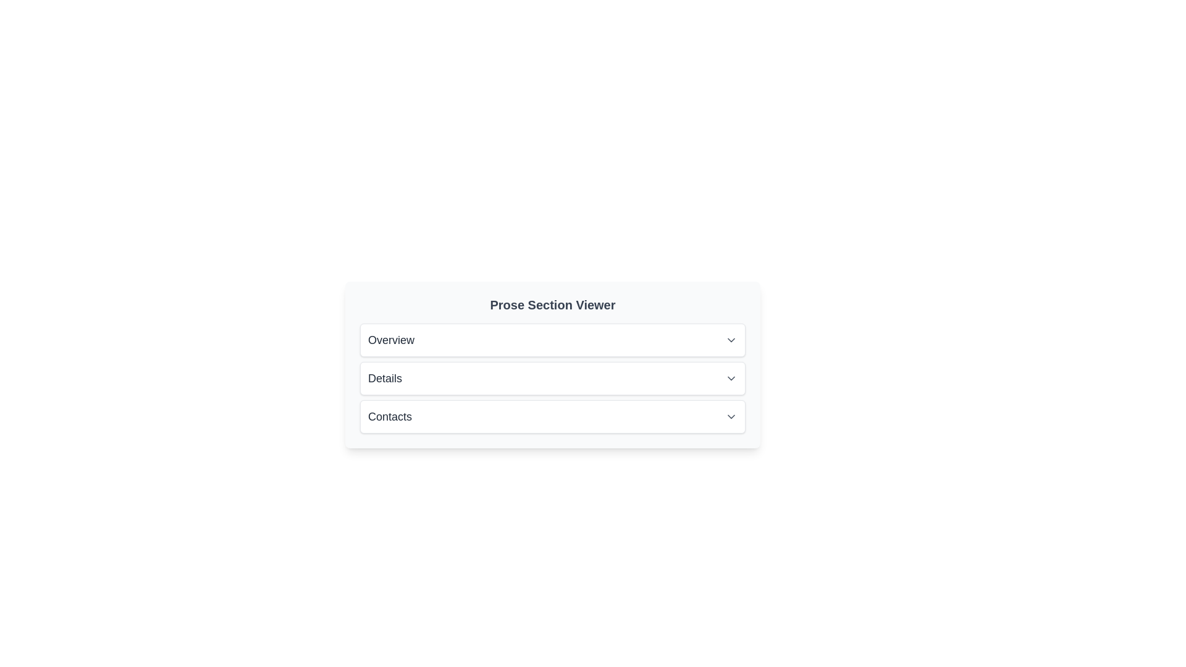 The width and height of the screenshot is (1186, 667). What do you see at coordinates (731, 417) in the screenshot?
I see `the downward-pointing chevron icon on the right side of the 'Contacts' row` at bounding box center [731, 417].